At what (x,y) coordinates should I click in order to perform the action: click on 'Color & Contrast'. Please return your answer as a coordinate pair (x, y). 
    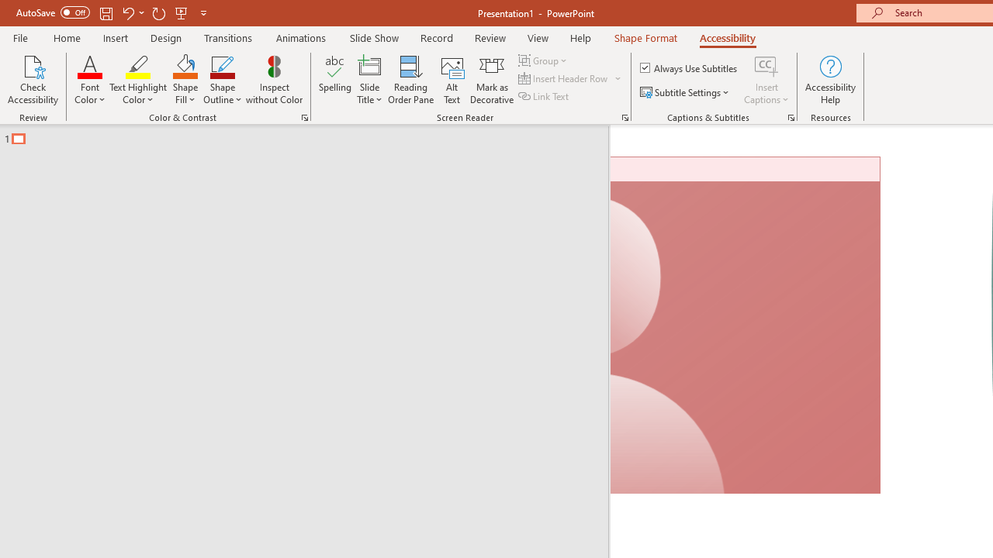
    Looking at the image, I should click on (304, 116).